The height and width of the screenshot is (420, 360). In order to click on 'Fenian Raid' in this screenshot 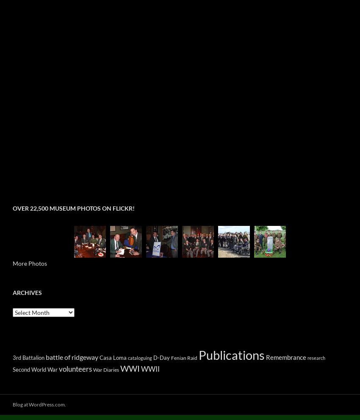, I will do `click(171, 357)`.